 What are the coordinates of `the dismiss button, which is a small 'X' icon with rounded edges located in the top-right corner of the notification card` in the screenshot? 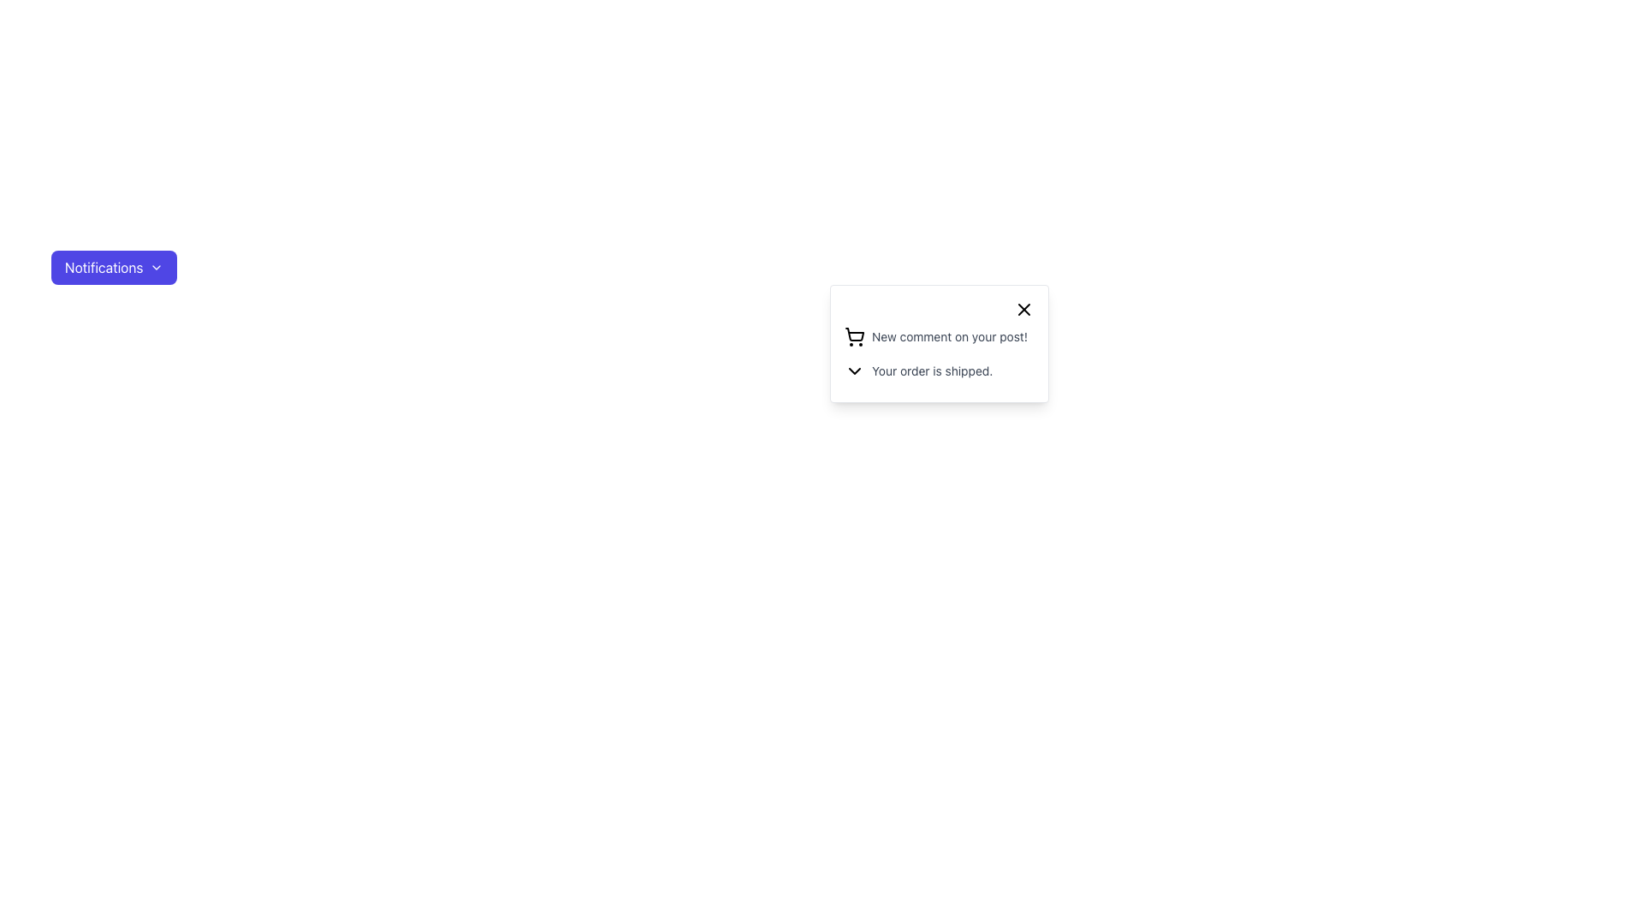 It's located at (1023, 310).